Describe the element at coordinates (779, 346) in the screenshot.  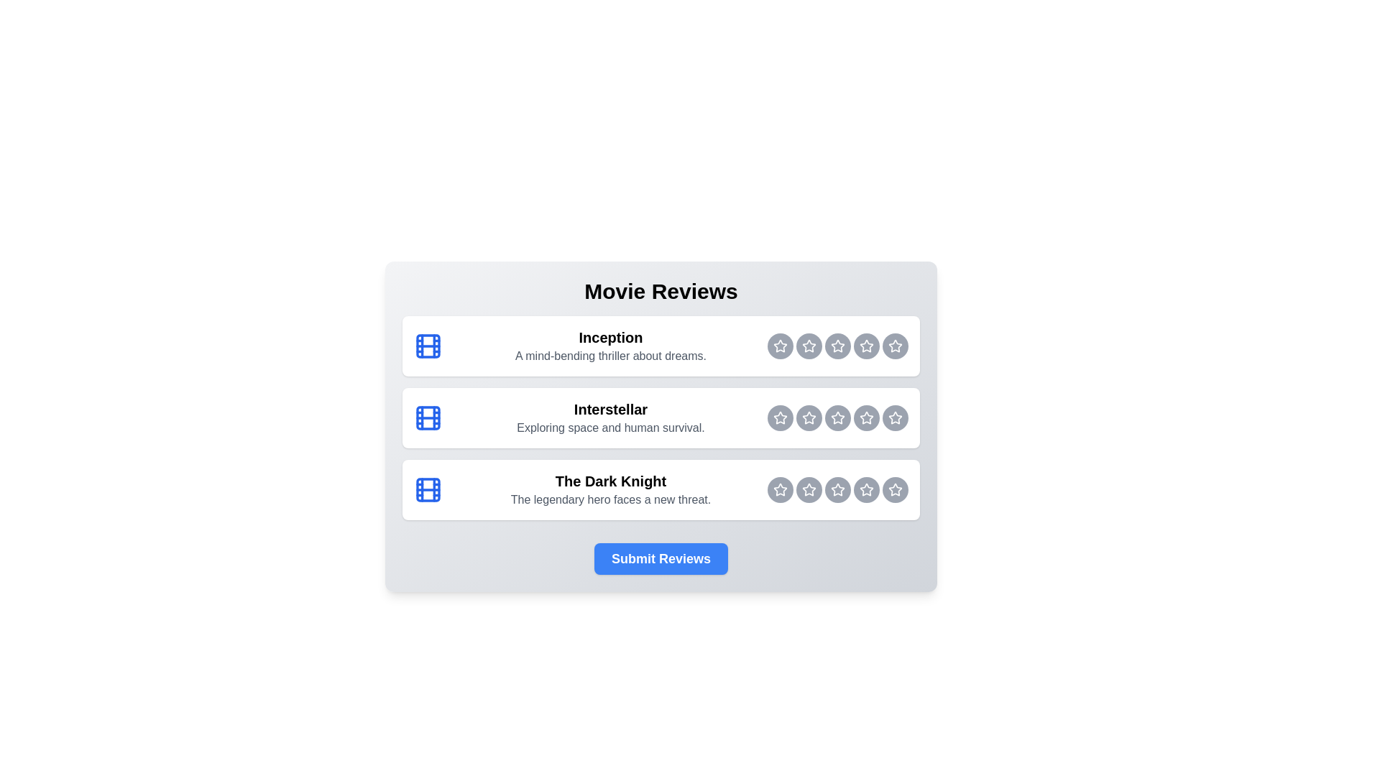
I see `the rating button for Inception at 1 stars` at that location.